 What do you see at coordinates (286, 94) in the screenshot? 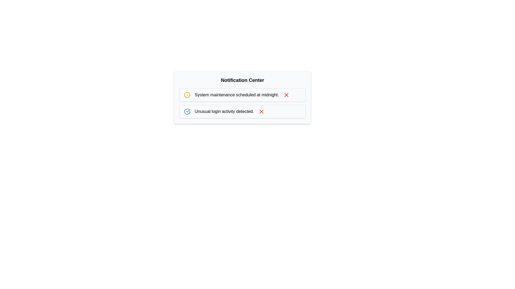
I see `the dismiss button located in the upper-right corner of the notification card that contains the text 'System maintenance scheduled at midnight.'` at bounding box center [286, 94].